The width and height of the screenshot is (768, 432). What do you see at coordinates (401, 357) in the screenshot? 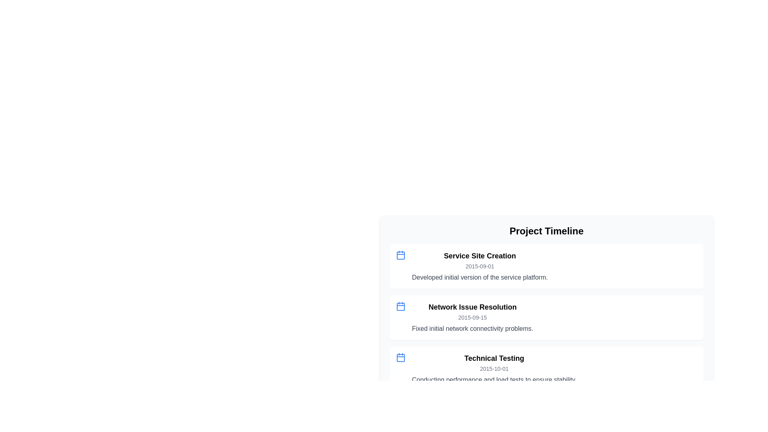
I see `the blue calendar icon representing the date indicator, located as the leftmost component of the third project timeline entry alongside 'Technical Testing' and '2015-10-01'` at bounding box center [401, 357].